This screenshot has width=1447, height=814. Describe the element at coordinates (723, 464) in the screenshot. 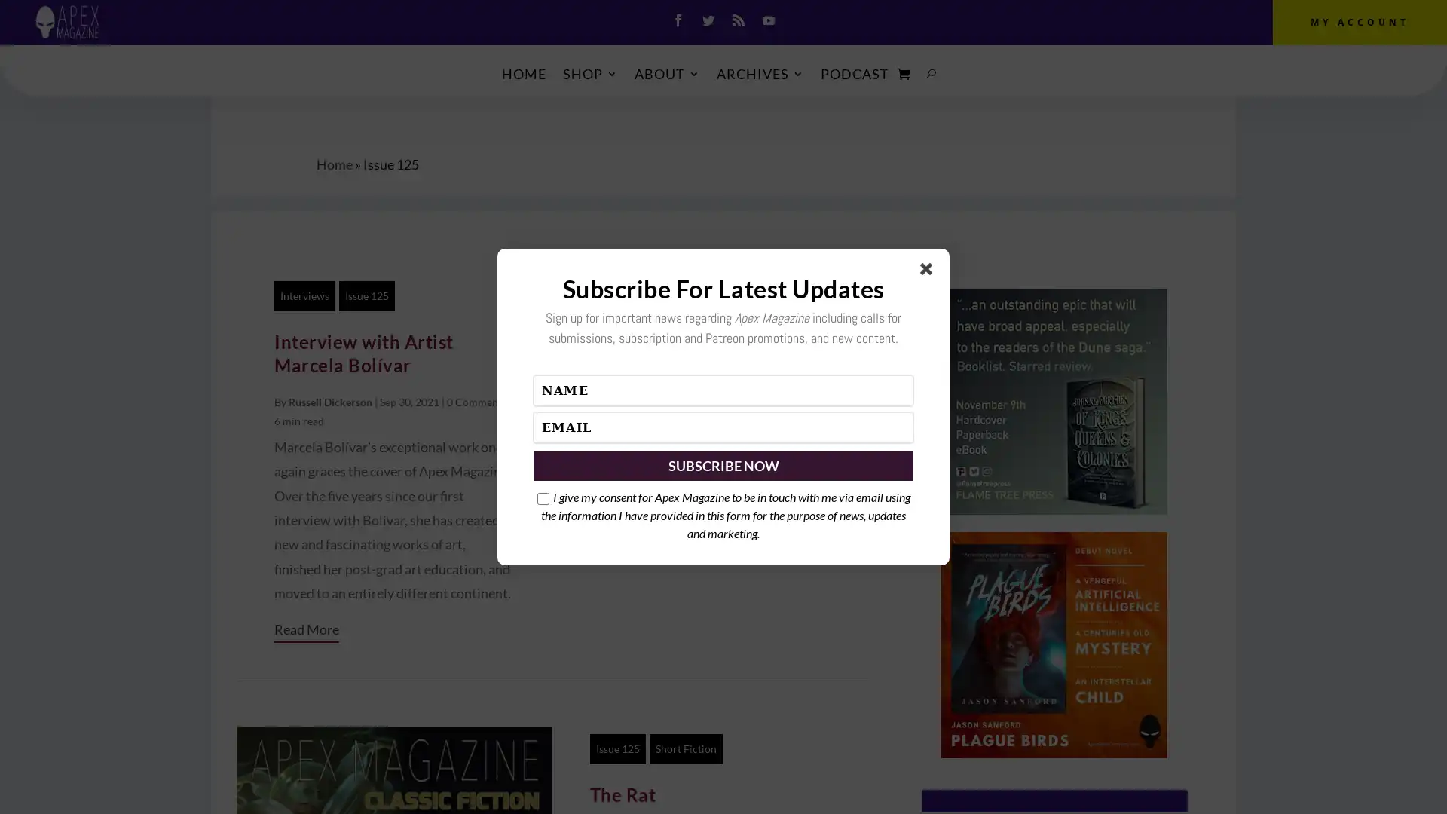

I see `Subscribe Now` at that location.